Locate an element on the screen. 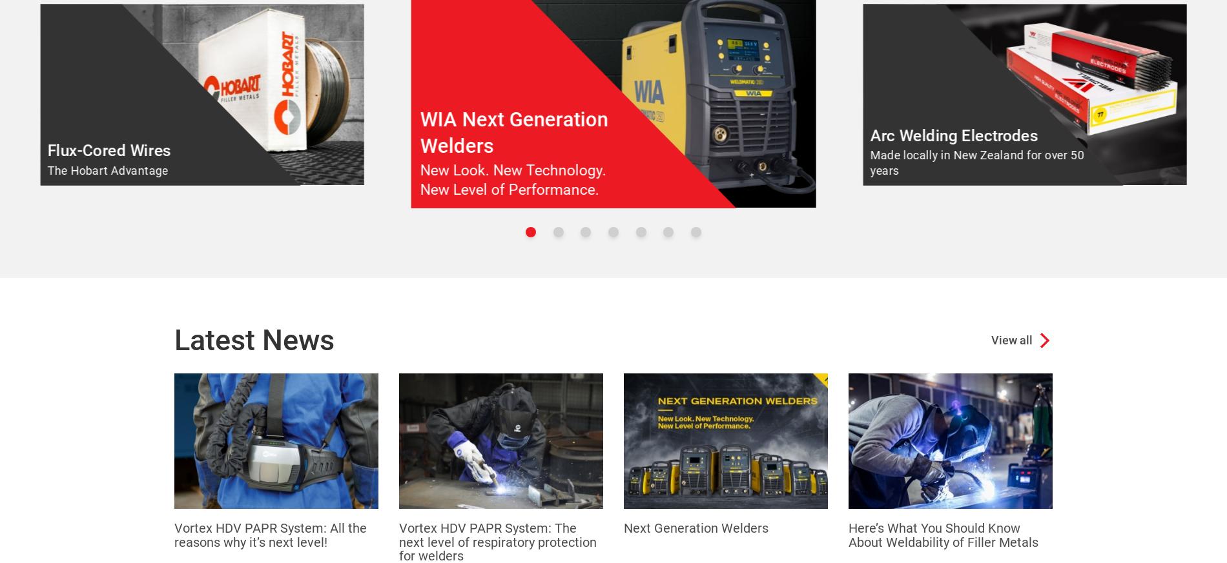 The width and height of the screenshot is (1227, 563). 'New Look. New Technology.' is located at coordinates (512, 170).